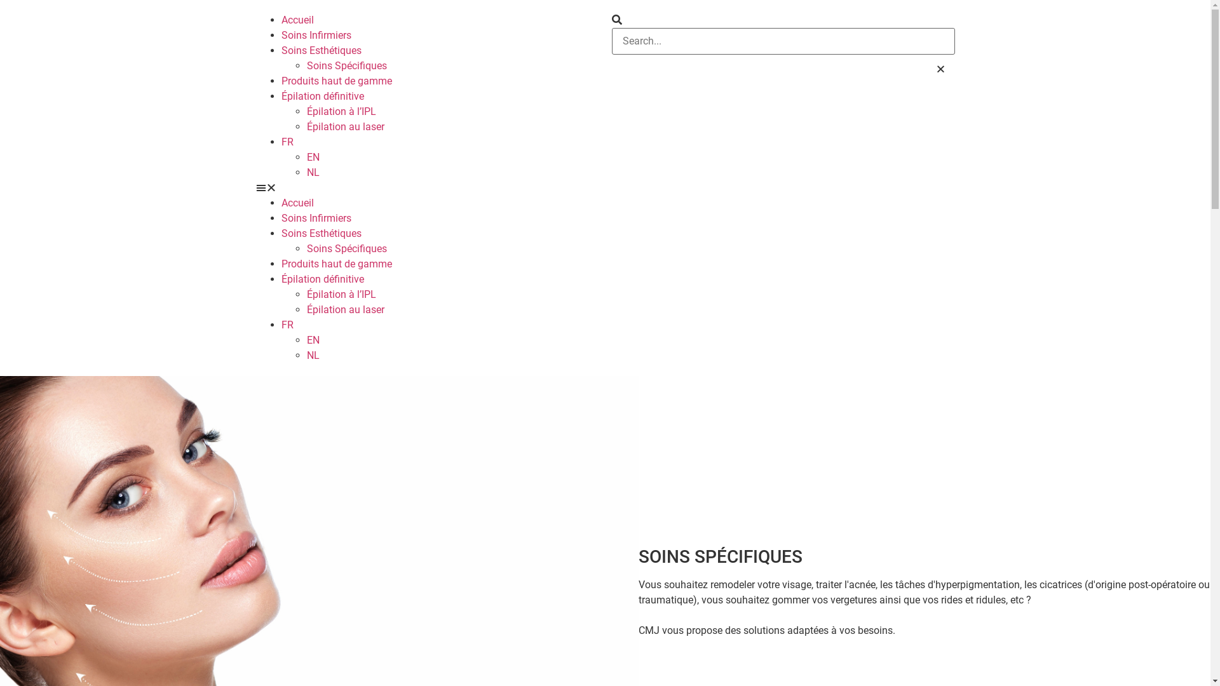 This screenshot has width=1220, height=686. What do you see at coordinates (296, 20) in the screenshot?
I see `'Accueil'` at bounding box center [296, 20].